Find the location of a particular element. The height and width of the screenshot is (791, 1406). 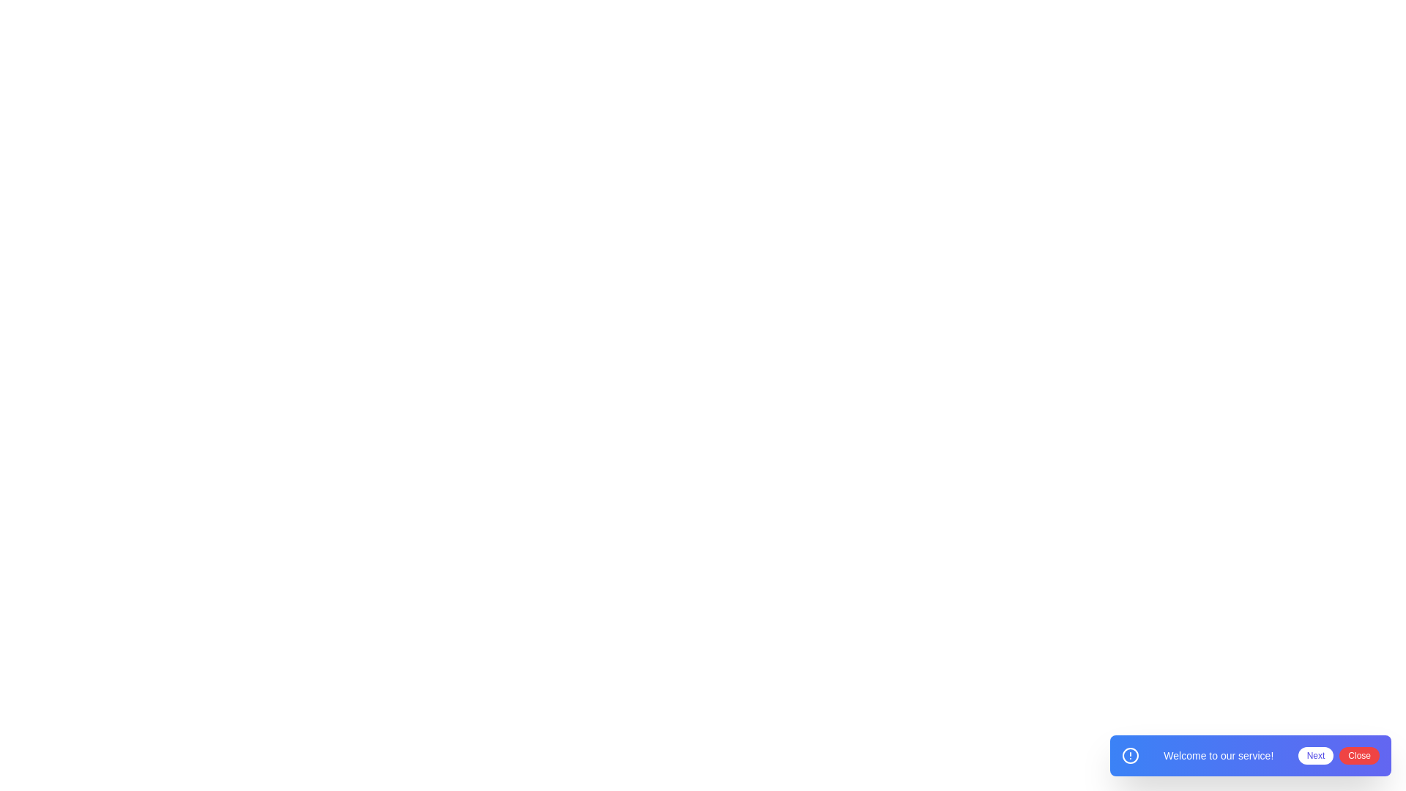

the 'Next' button to navigate to the next message is located at coordinates (1314, 756).